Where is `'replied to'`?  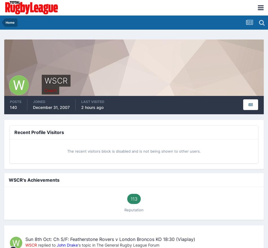 'replied to' is located at coordinates (37, 245).